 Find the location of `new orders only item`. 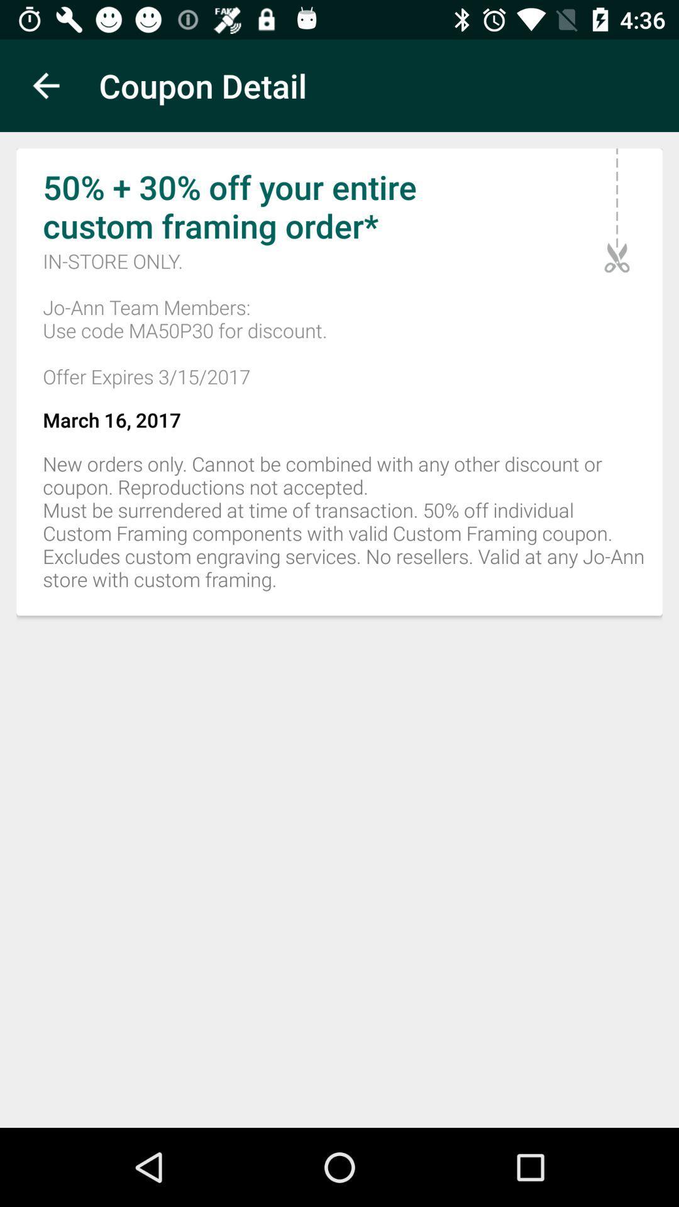

new orders only item is located at coordinates (339, 529).